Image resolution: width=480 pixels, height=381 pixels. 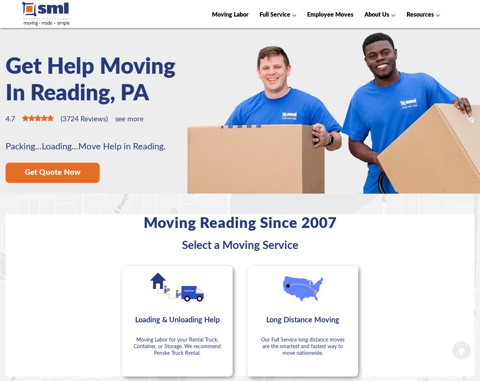 I want to click on 'In Reading, PA', so click(x=77, y=93).